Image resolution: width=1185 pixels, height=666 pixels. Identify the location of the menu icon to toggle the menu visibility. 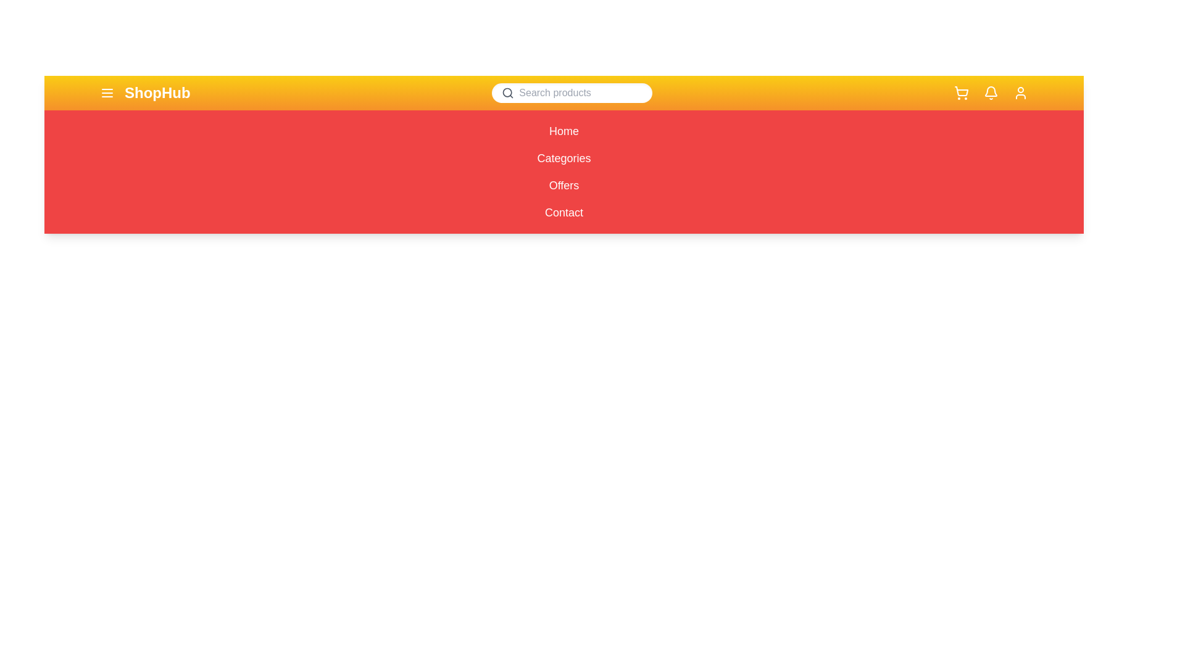
(107, 92).